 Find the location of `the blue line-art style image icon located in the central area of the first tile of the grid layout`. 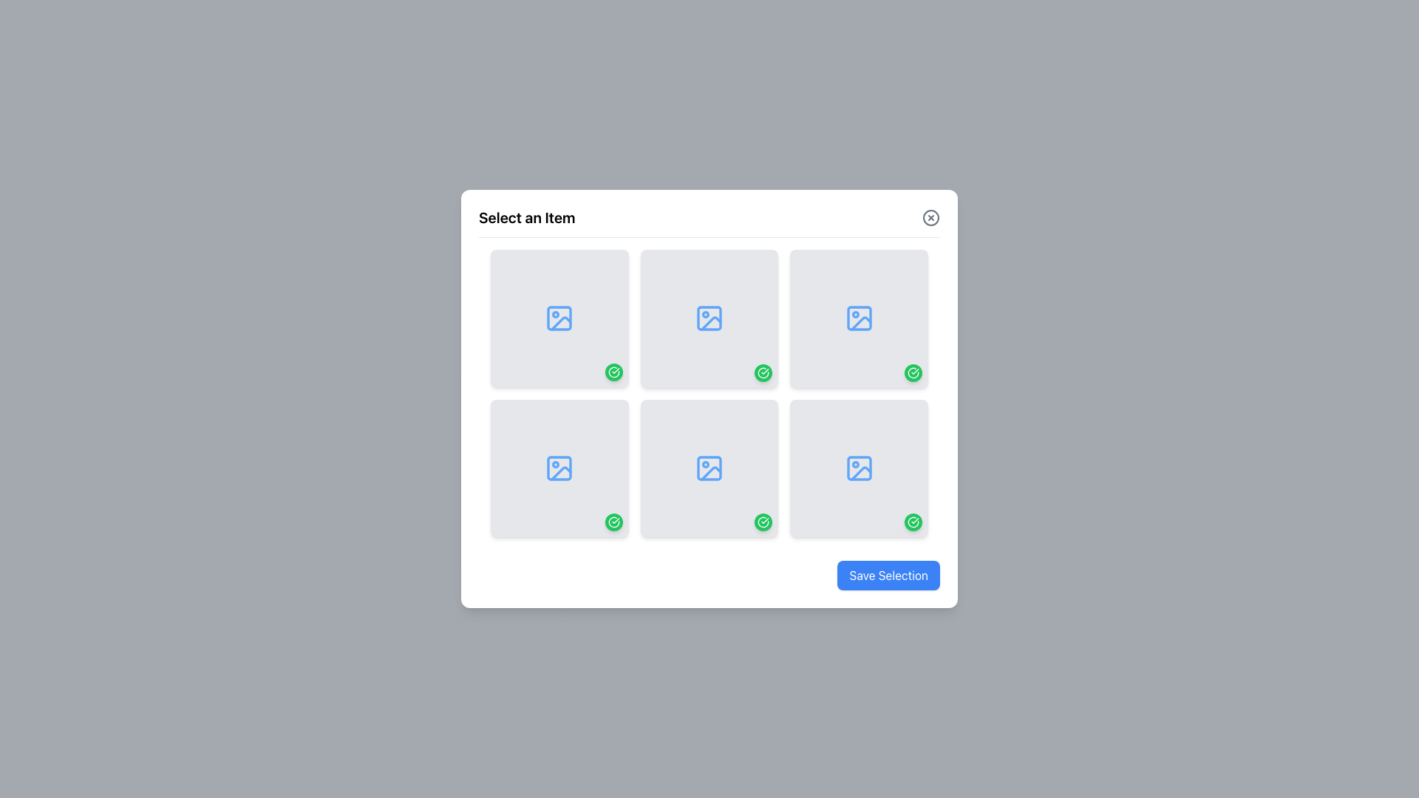

the blue line-art style image icon located in the central area of the first tile of the grid layout is located at coordinates (559, 318).